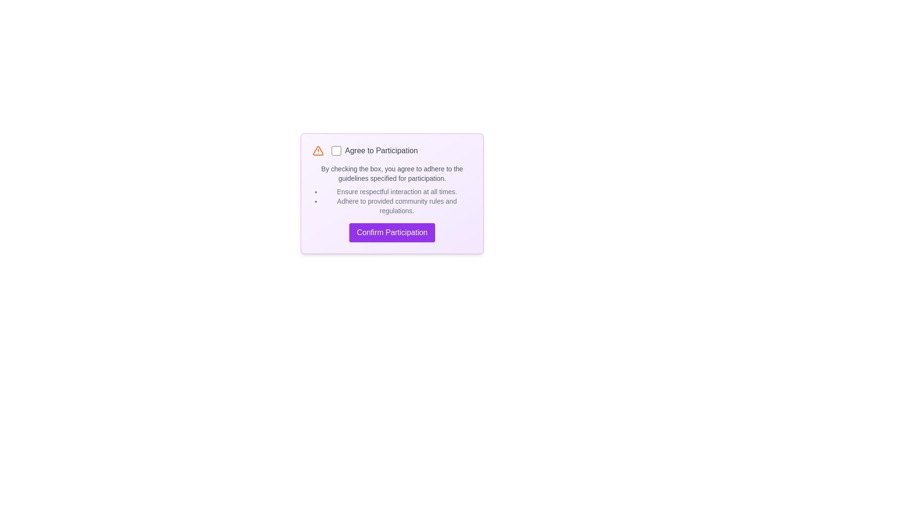 This screenshot has height=514, width=915. What do you see at coordinates (374, 150) in the screenshot?
I see `the text label that reads 'Agree to Participation', which is styled in gray and positioned next to a checkbox in a light purple background` at bounding box center [374, 150].